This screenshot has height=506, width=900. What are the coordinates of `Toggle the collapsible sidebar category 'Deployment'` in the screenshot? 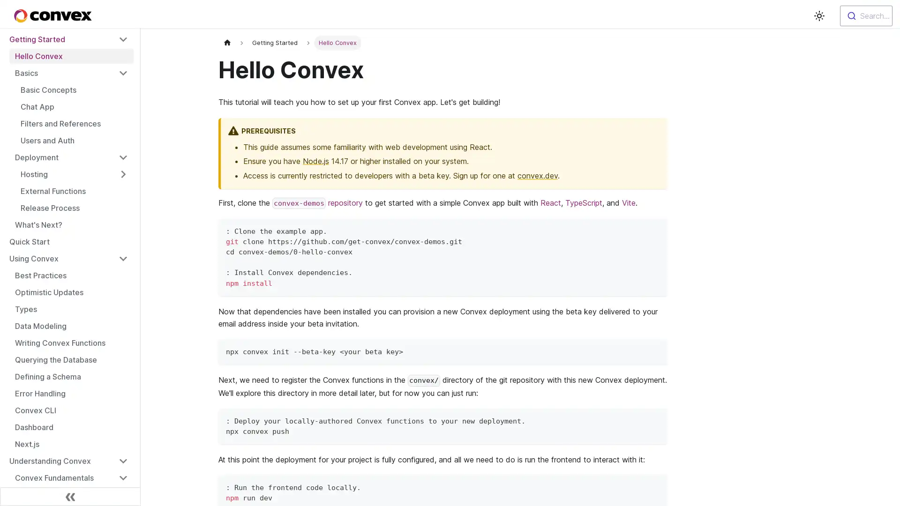 It's located at (123, 156).